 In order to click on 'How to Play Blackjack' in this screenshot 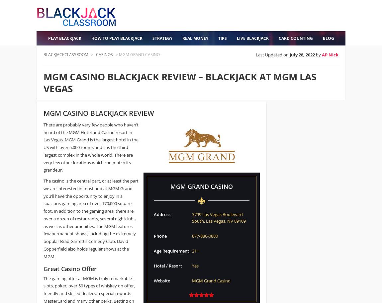, I will do `click(116, 38)`.